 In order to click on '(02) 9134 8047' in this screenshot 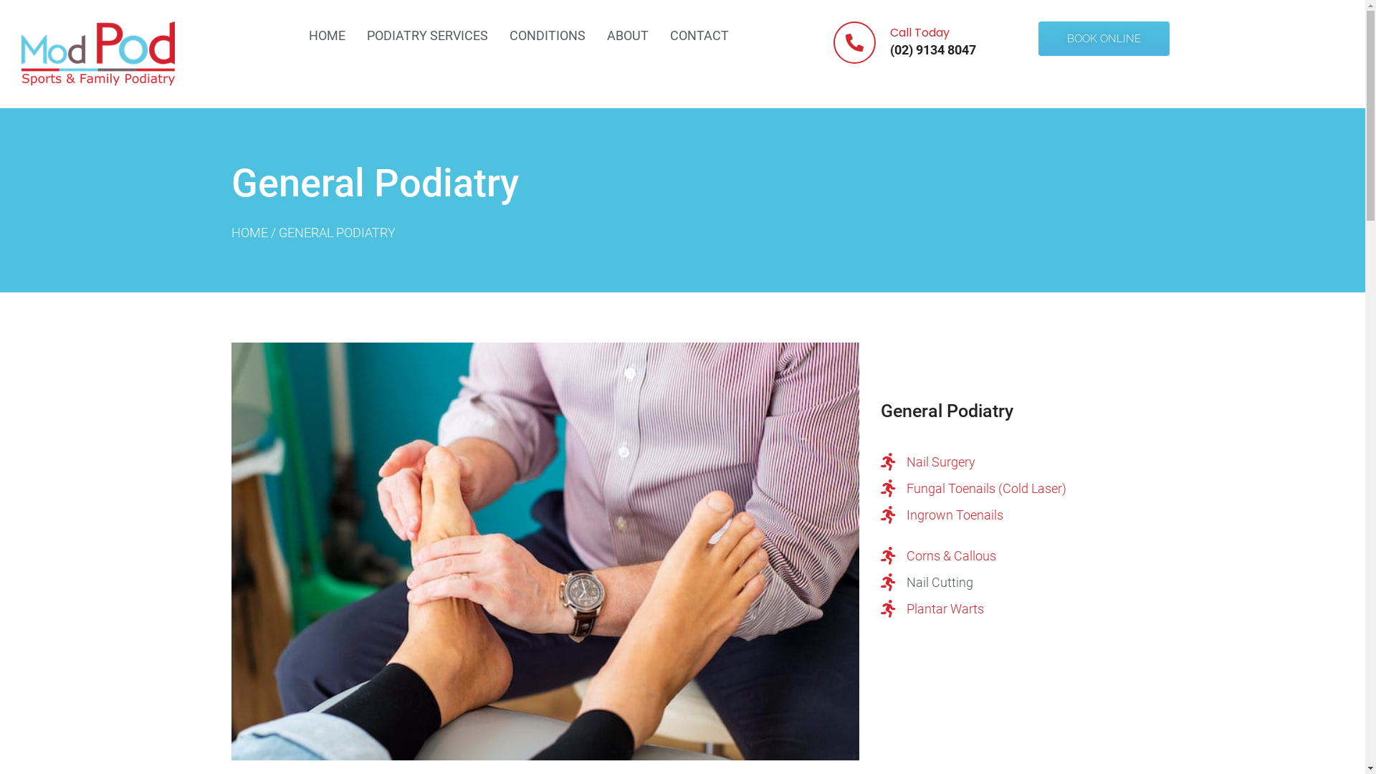, I will do `click(932, 49)`.